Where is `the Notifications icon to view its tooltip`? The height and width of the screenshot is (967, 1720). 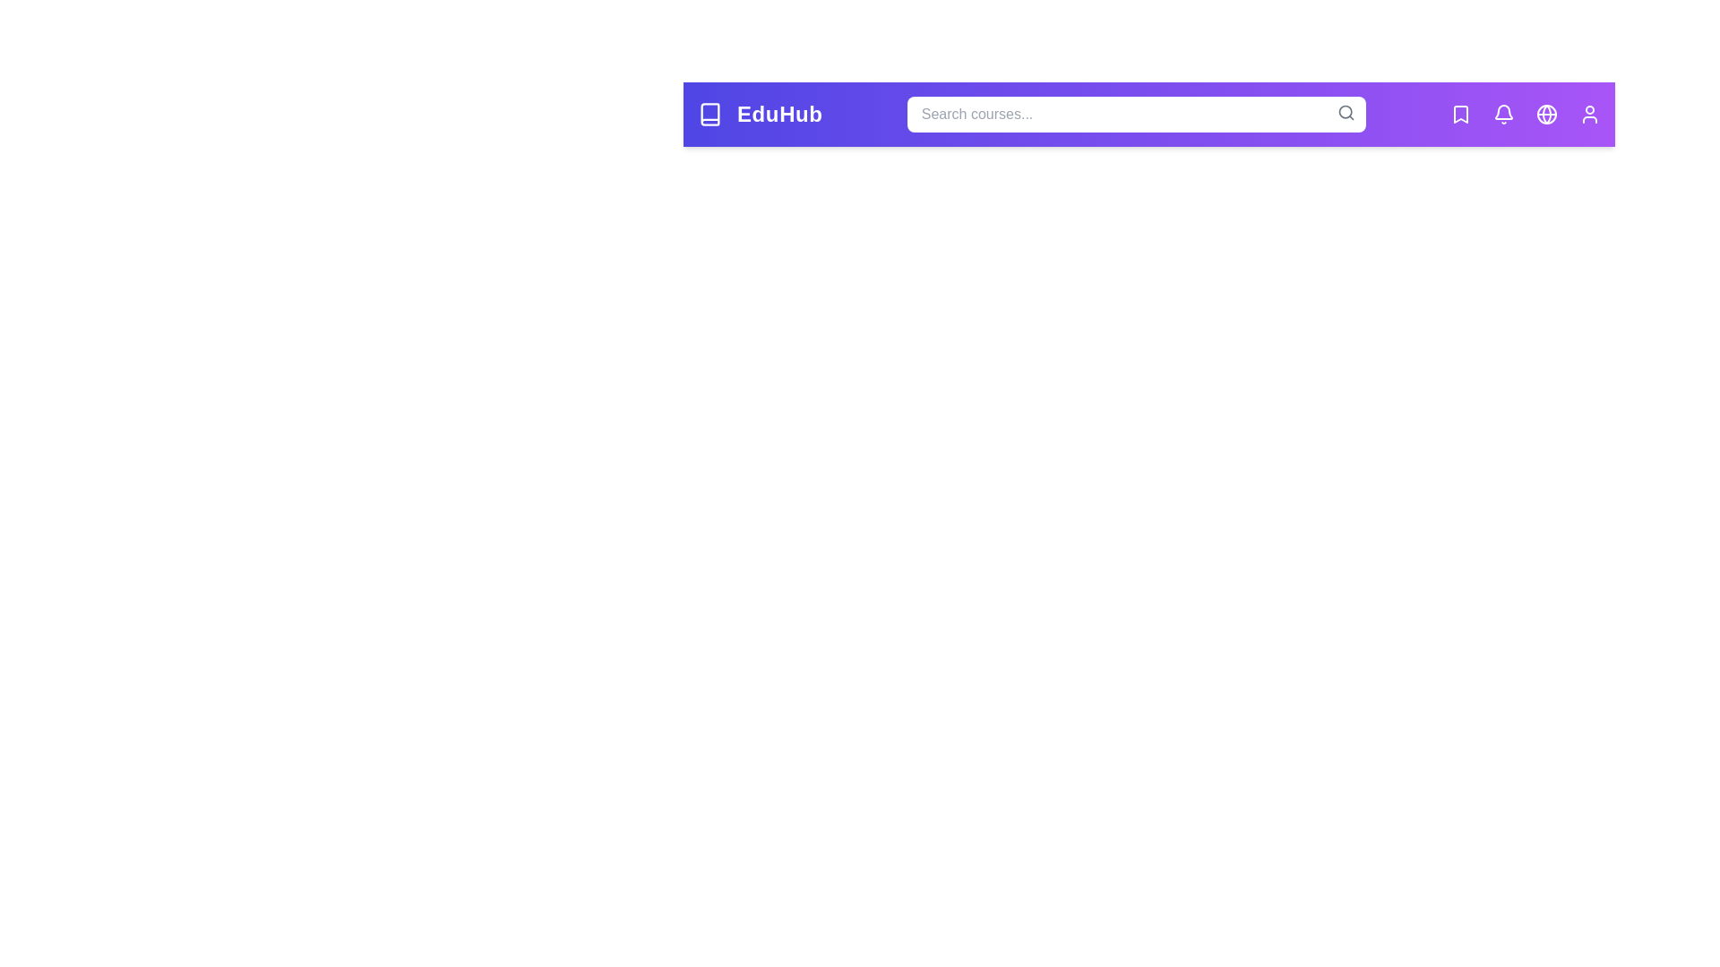
the Notifications icon to view its tooltip is located at coordinates (1504, 114).